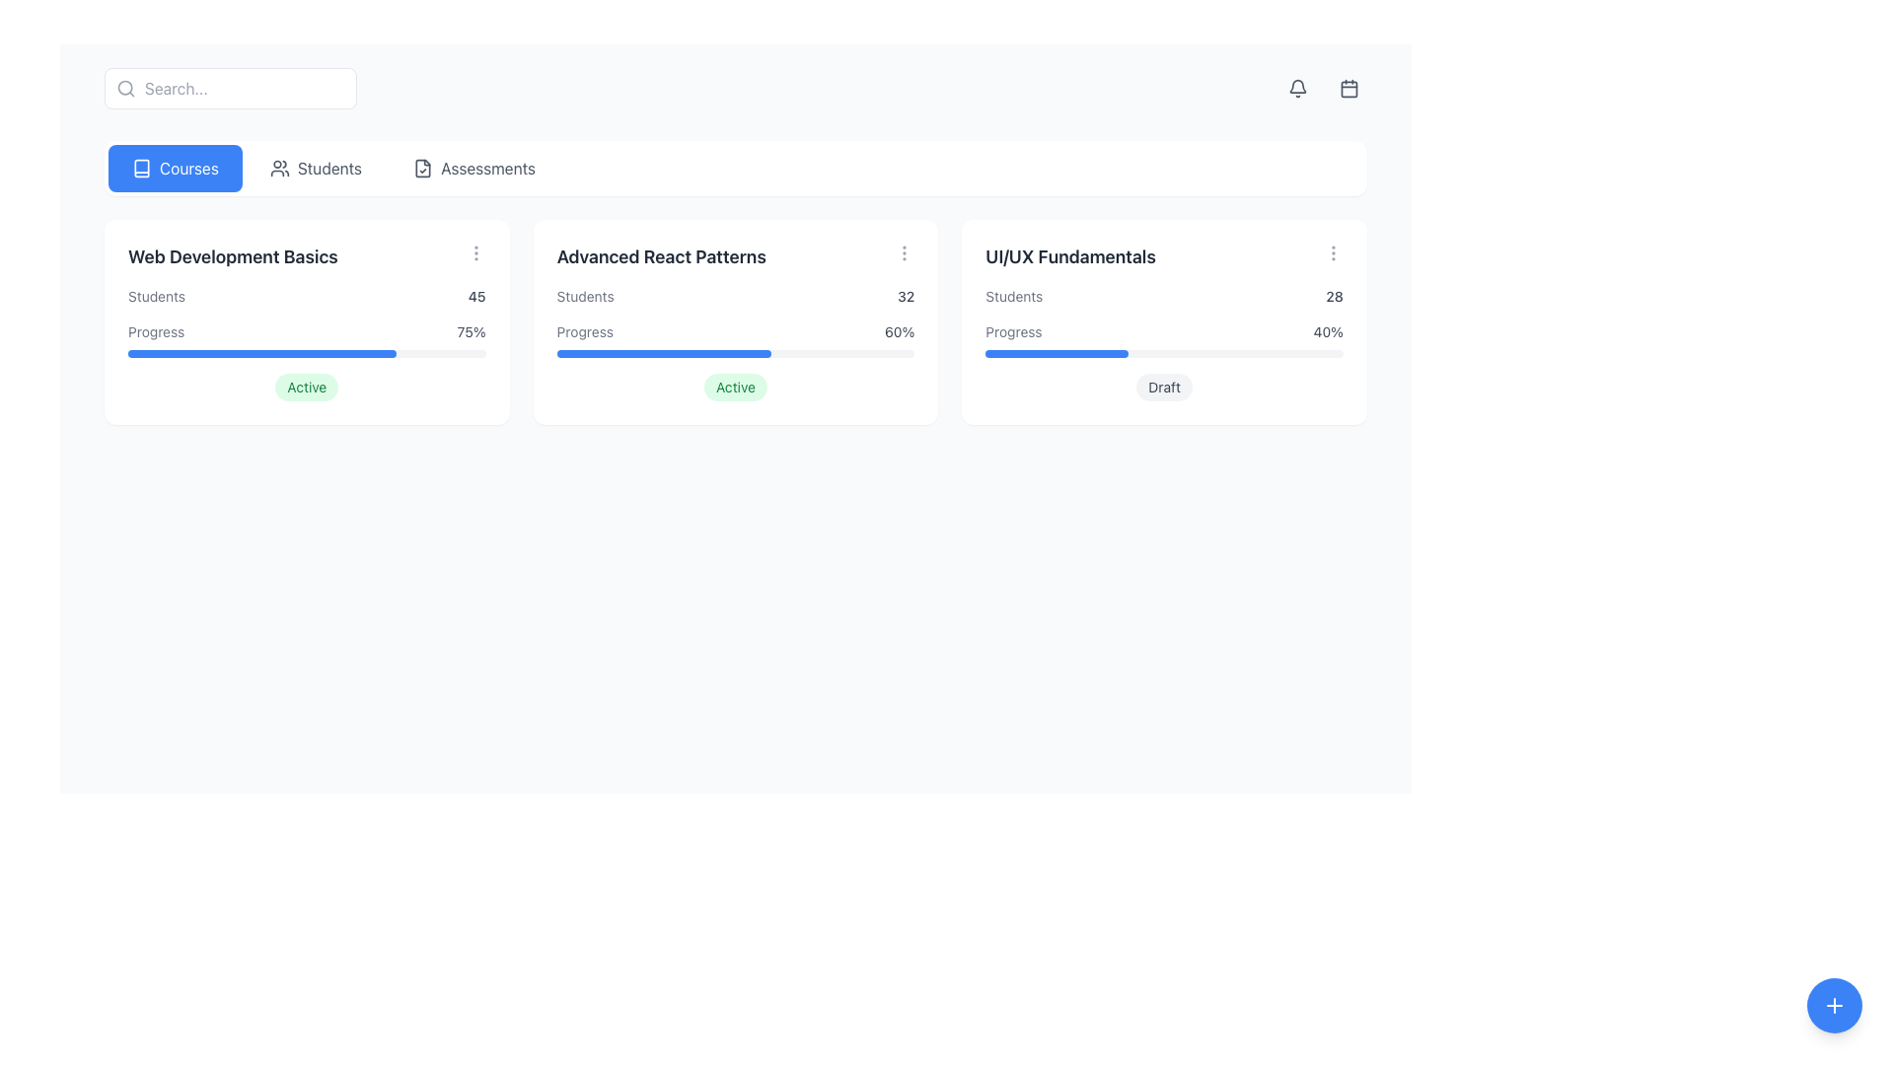 The height and width of the screenshot is (1065, 1894). What do you see at coordinates (1164, 321) in the screenshot?
I see `the Informational card titled 'UI/UX Fundamentals', which is the third card in a grid row, featuring a white background, rounded corners, and a badge labeled 'Draft'` at bounding box center [1164, 321].